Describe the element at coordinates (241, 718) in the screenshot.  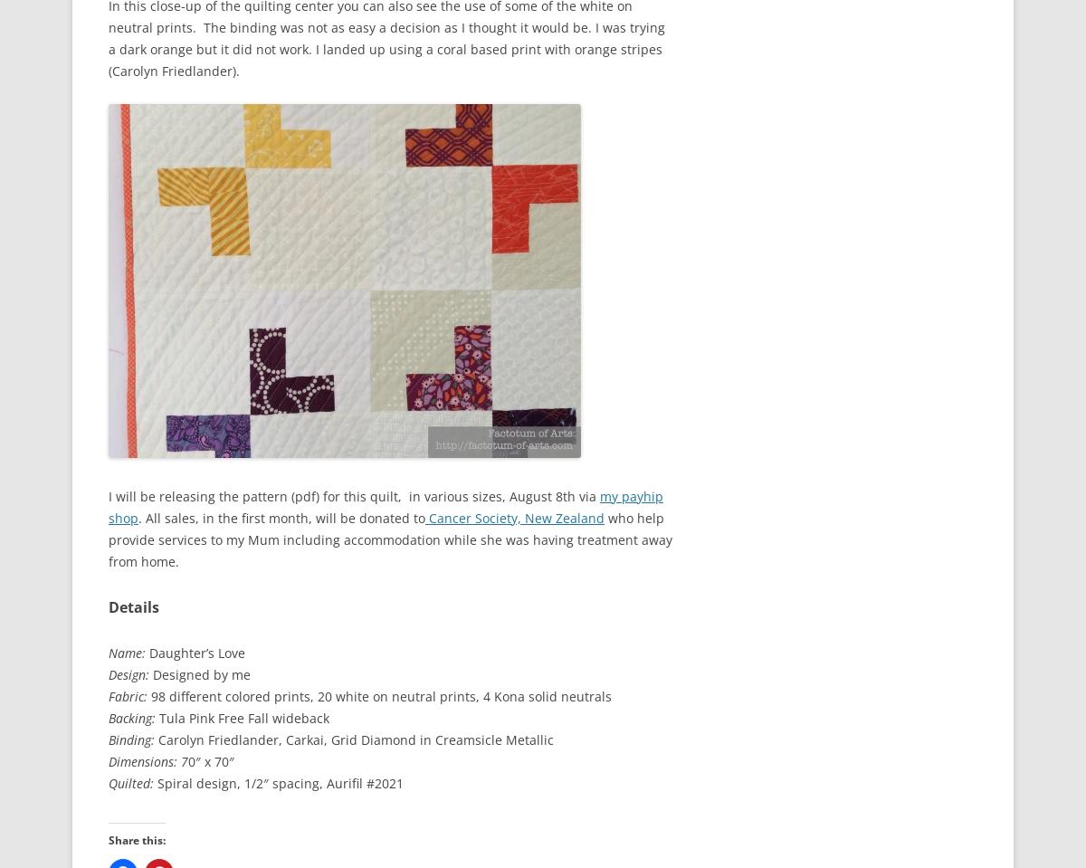
I see `'Tula Pink Free Fall wideback'` at that location.